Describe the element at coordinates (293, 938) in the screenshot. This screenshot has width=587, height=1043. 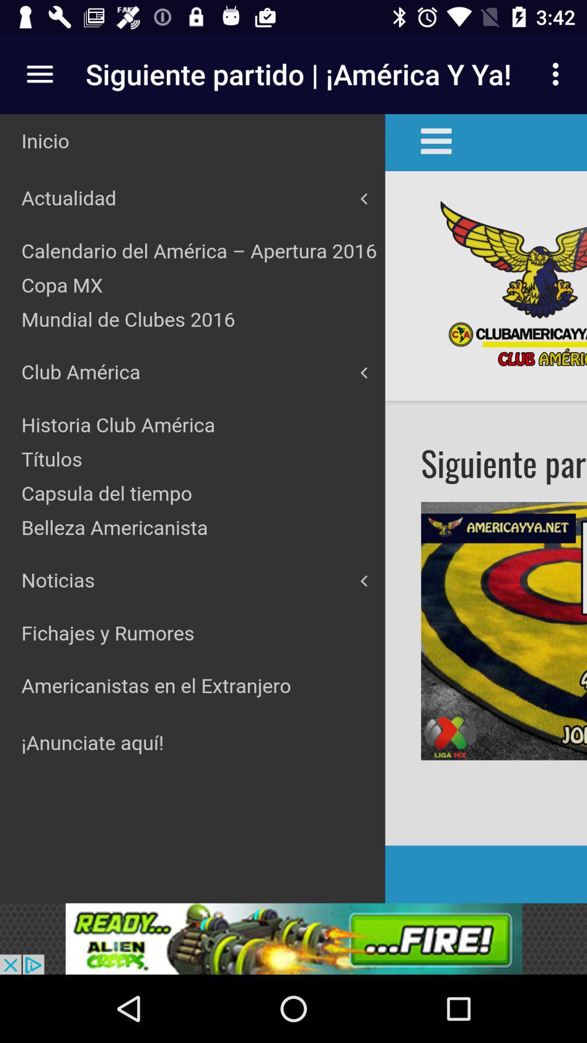
I see `opens advertisement` at that location.